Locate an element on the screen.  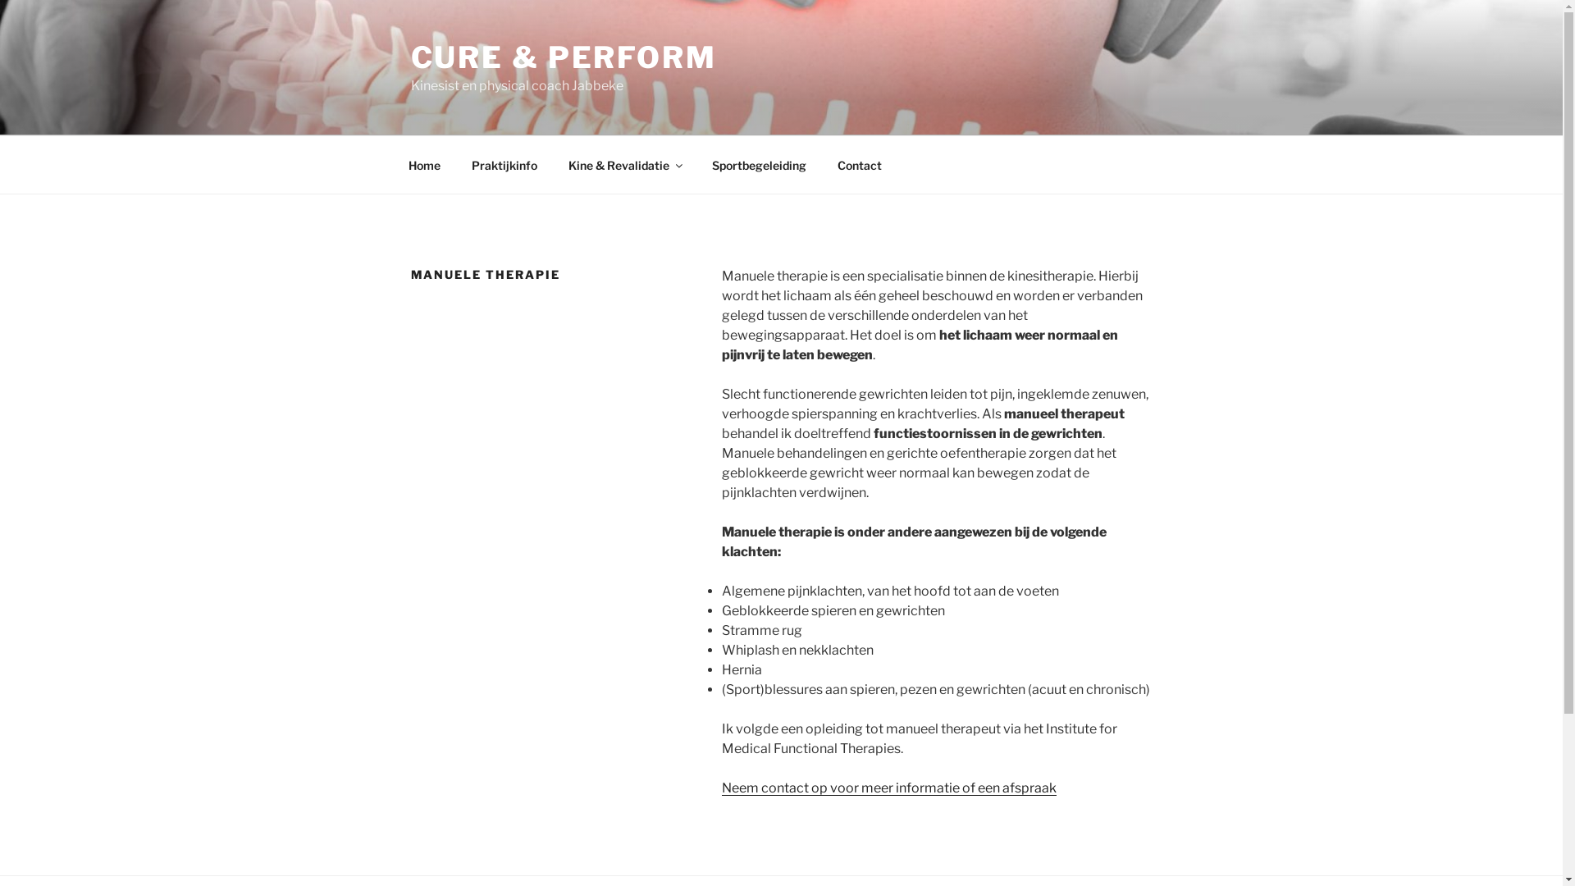
'Praktijkinfo' is located at coordinates (457, 164).